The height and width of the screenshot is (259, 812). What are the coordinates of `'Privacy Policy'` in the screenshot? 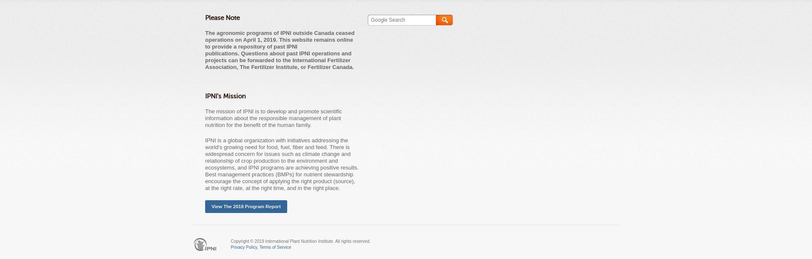 It's located at (244, 247).